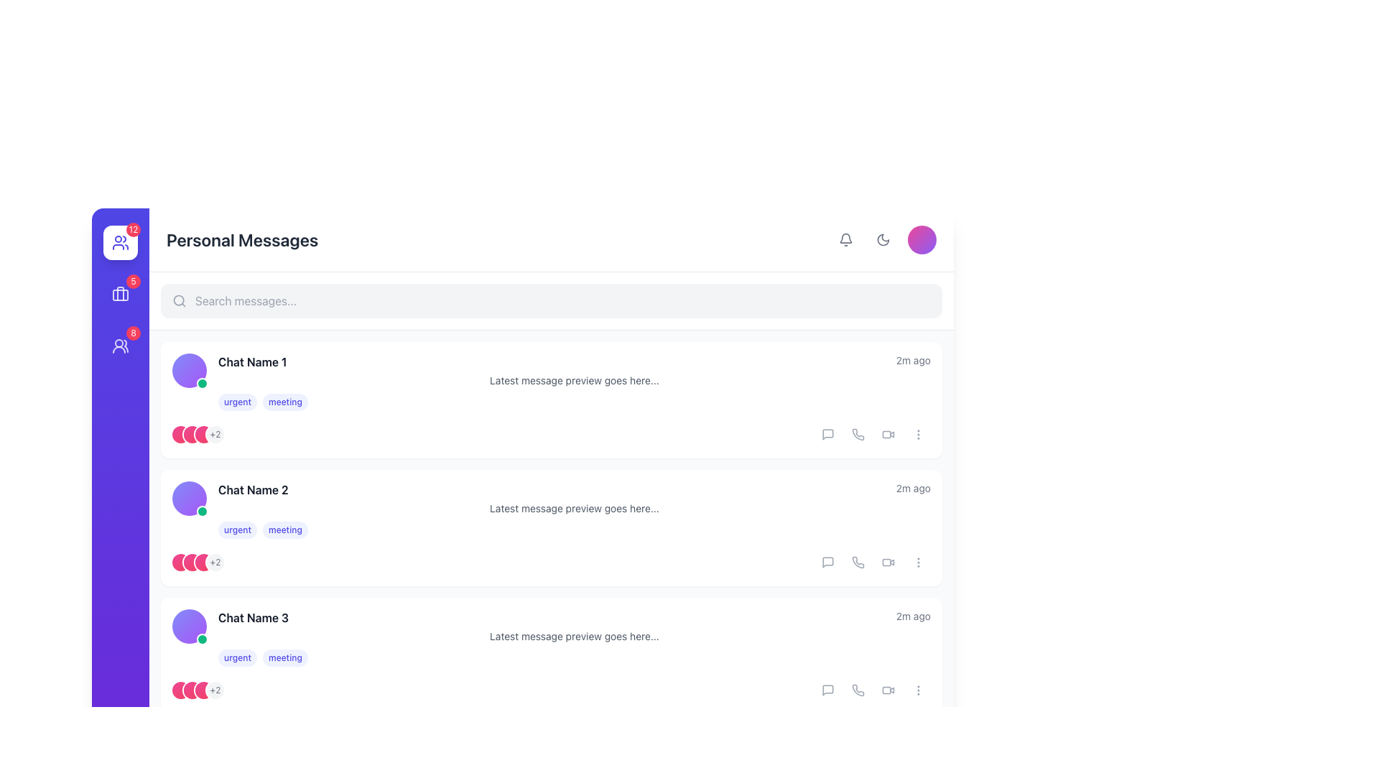  I want to click on the third chat entry in the vertical list, so click(575, 637).